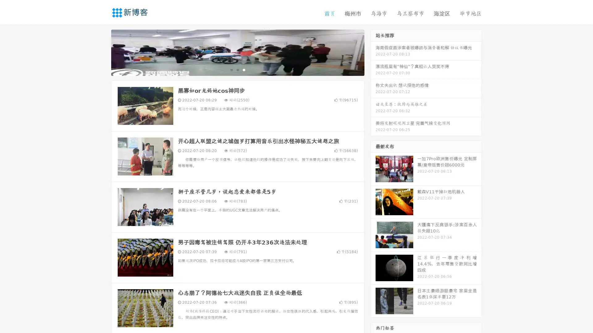 This screenshot has width=593, height=333. What do you see at coordinates (102, 52) in the screenshot?
I see `Previous slide` at bounding box center [102, 52].